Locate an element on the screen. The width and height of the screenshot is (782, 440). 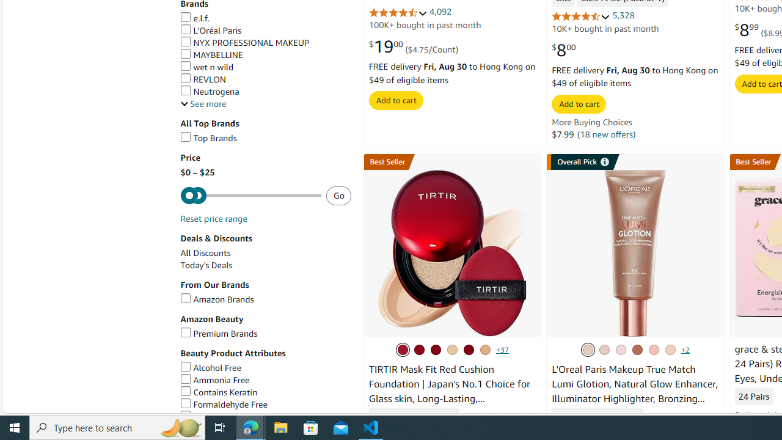
'Top Brands' is located at coordinates (265, 137).